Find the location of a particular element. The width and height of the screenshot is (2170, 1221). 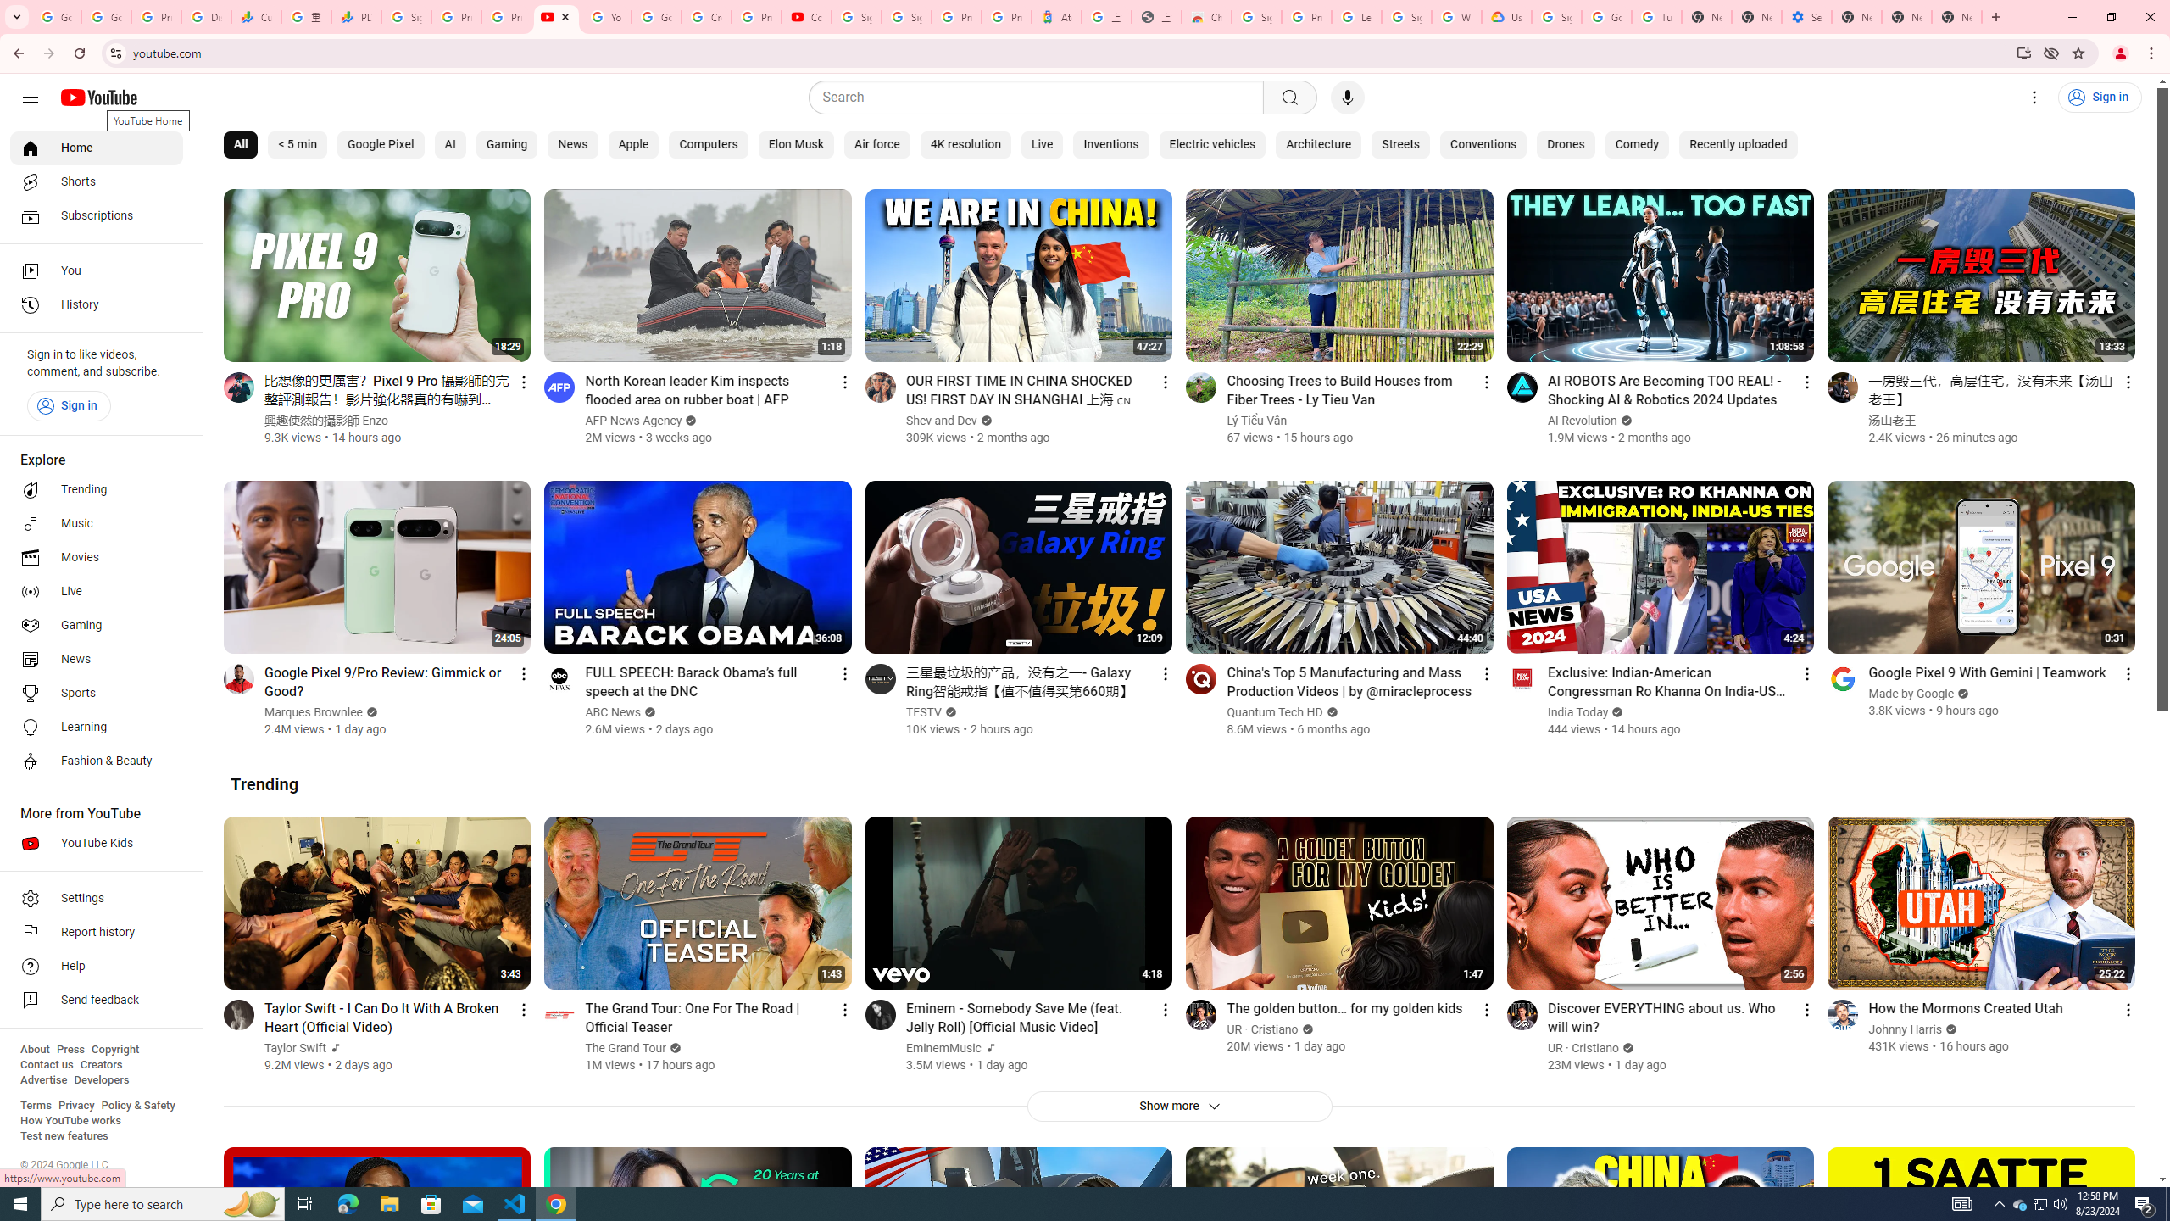

'Taylor Swift' is located at coordinates (295, 1048).